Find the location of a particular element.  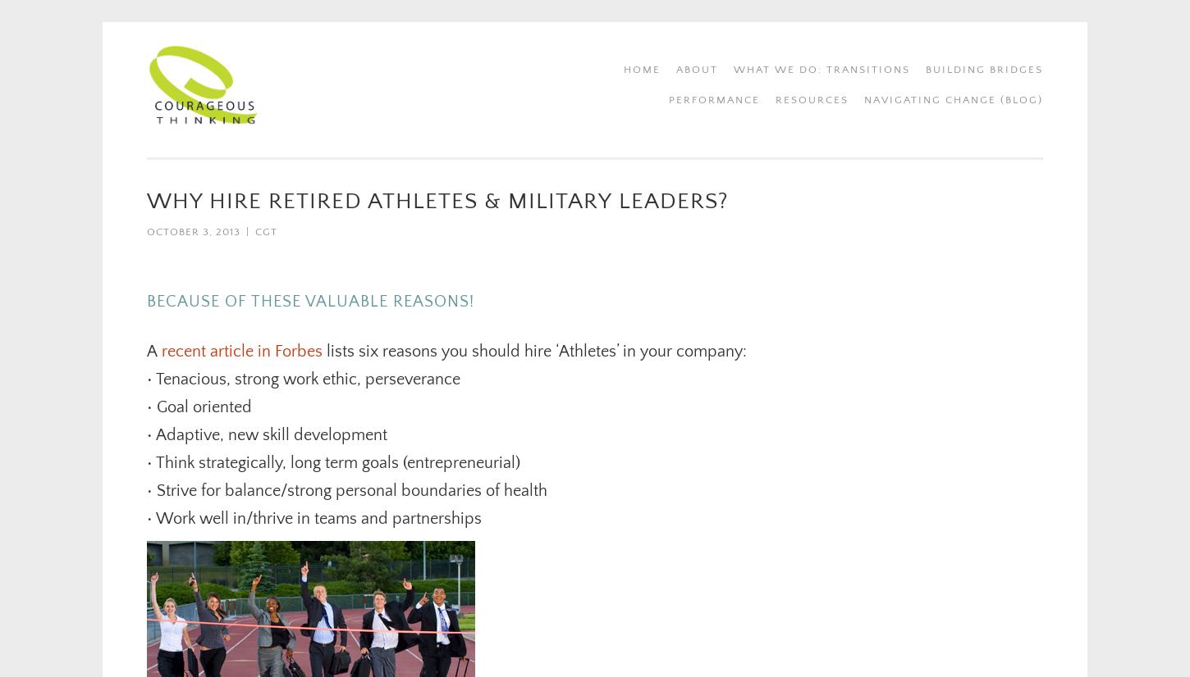

'Courageous Thinking' is located at coordinates (356, 66).